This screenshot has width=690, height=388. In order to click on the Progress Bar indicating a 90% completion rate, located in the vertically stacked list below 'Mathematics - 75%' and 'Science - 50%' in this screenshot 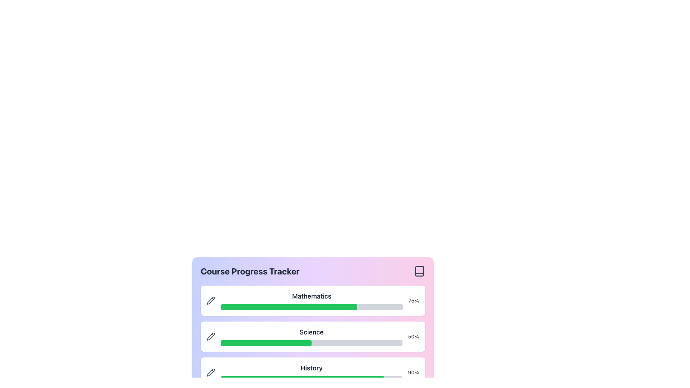, I will do `click(313, 372)`.